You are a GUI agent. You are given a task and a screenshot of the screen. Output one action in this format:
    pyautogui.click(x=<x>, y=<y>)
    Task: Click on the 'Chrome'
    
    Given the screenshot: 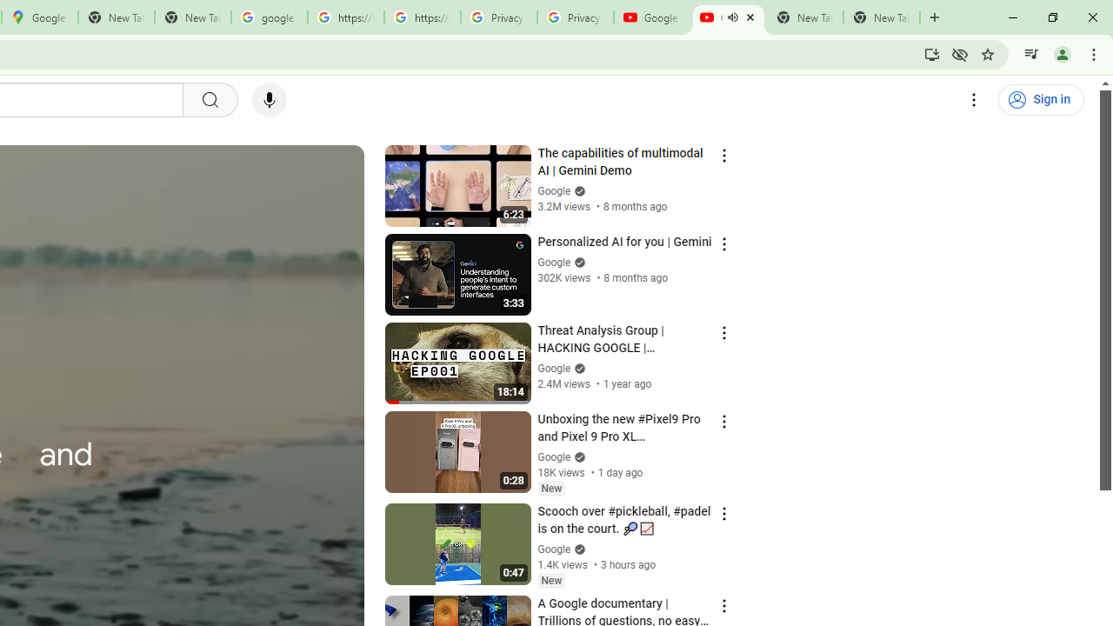 What is the action you would take?
    pyautogui.click(x=1095, y=53)
    